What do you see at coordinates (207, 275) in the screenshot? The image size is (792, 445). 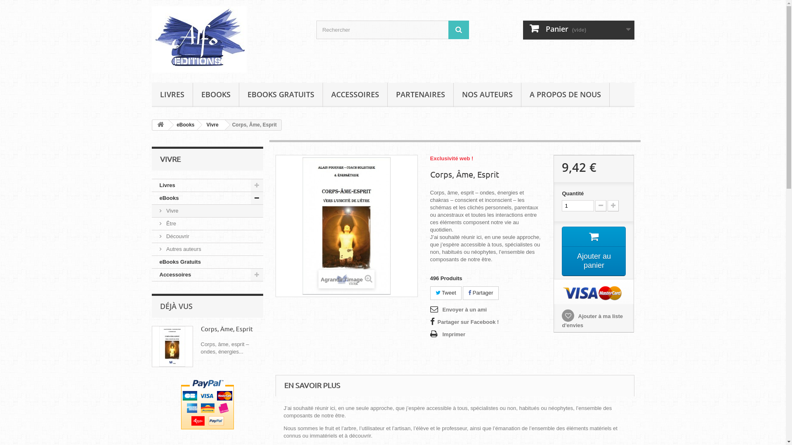 I see `'Accessoires'` at bounding box center [207, 275].